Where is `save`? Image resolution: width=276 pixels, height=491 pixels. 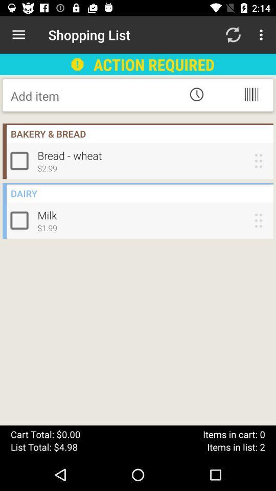
save is located at coordinates (93, 96).